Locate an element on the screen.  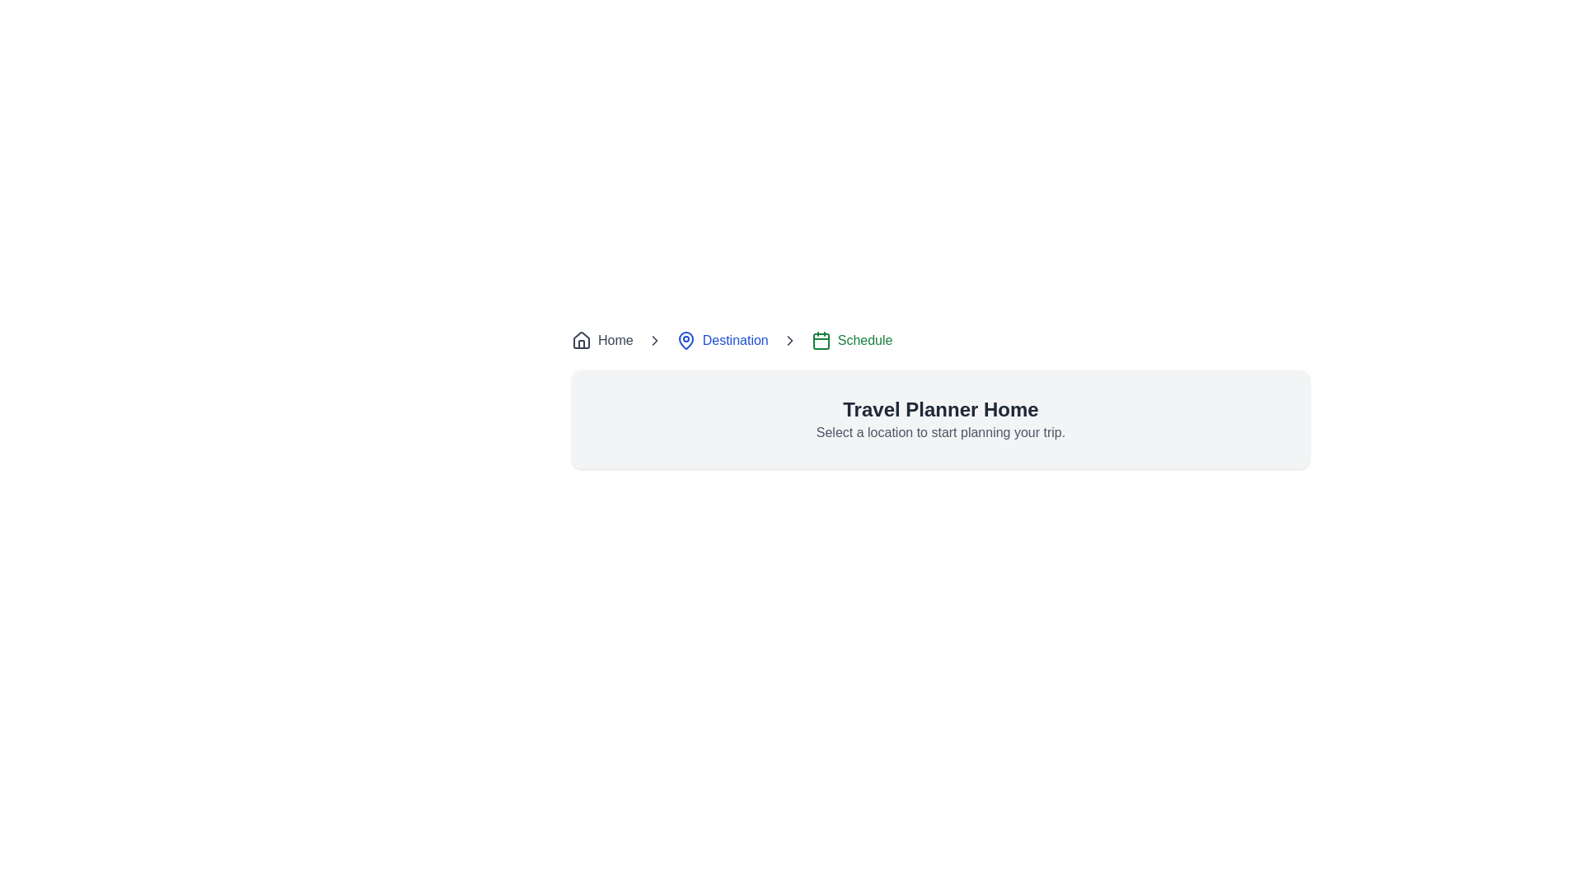
the second item in the breadcrumb navigation bar, which is a Link with Icon that redirects to the 'Destination' section is located at coordinates (722, 339).